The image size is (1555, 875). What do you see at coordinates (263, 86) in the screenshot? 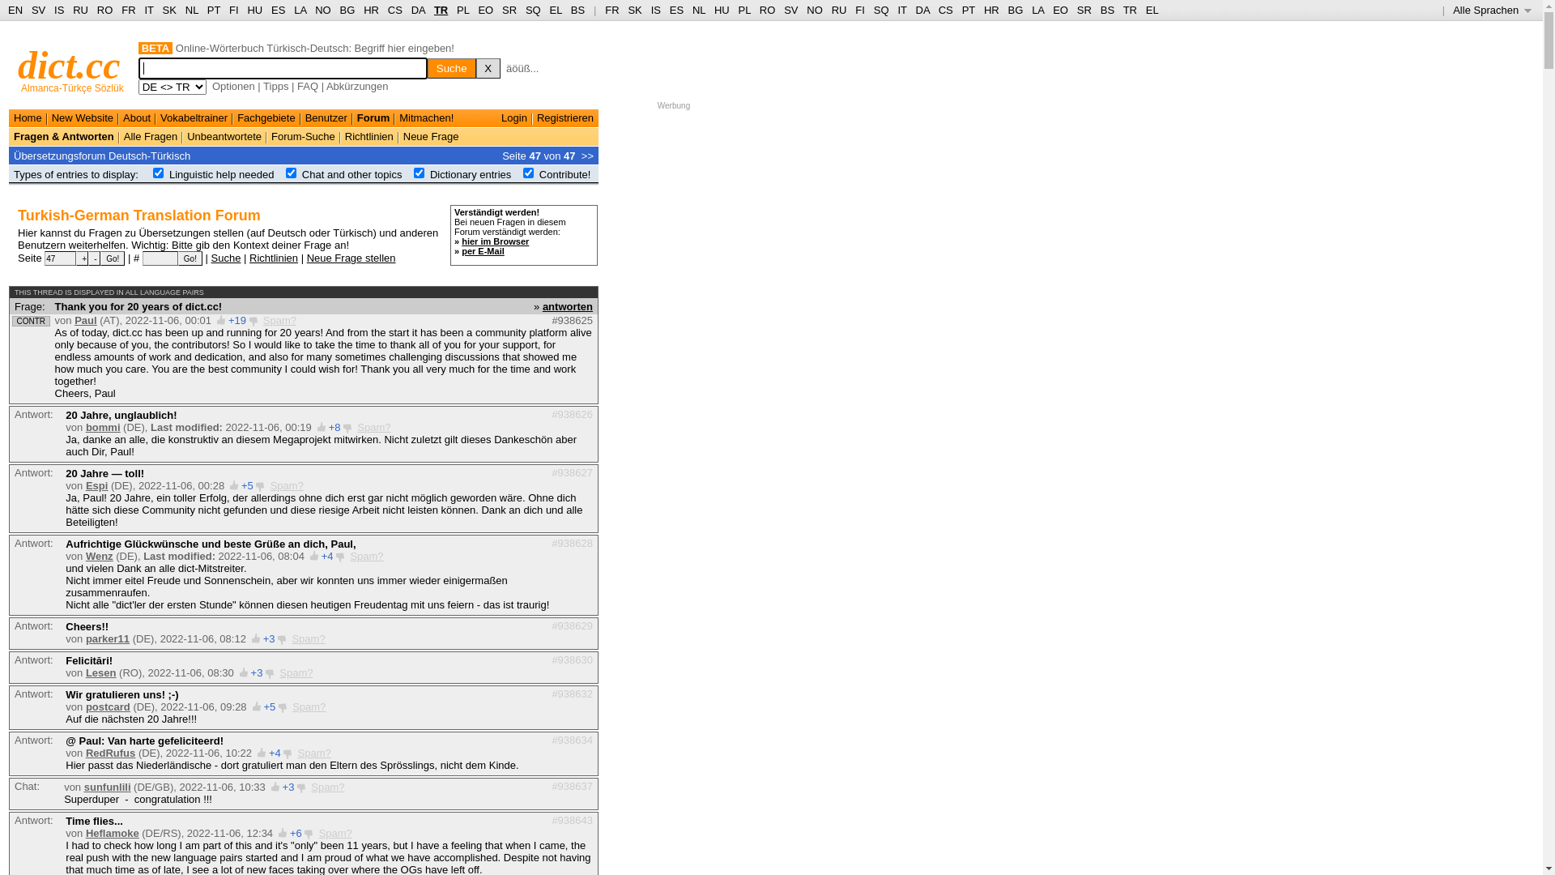
I see `'Tipps'` at bounding box center [263, 86].